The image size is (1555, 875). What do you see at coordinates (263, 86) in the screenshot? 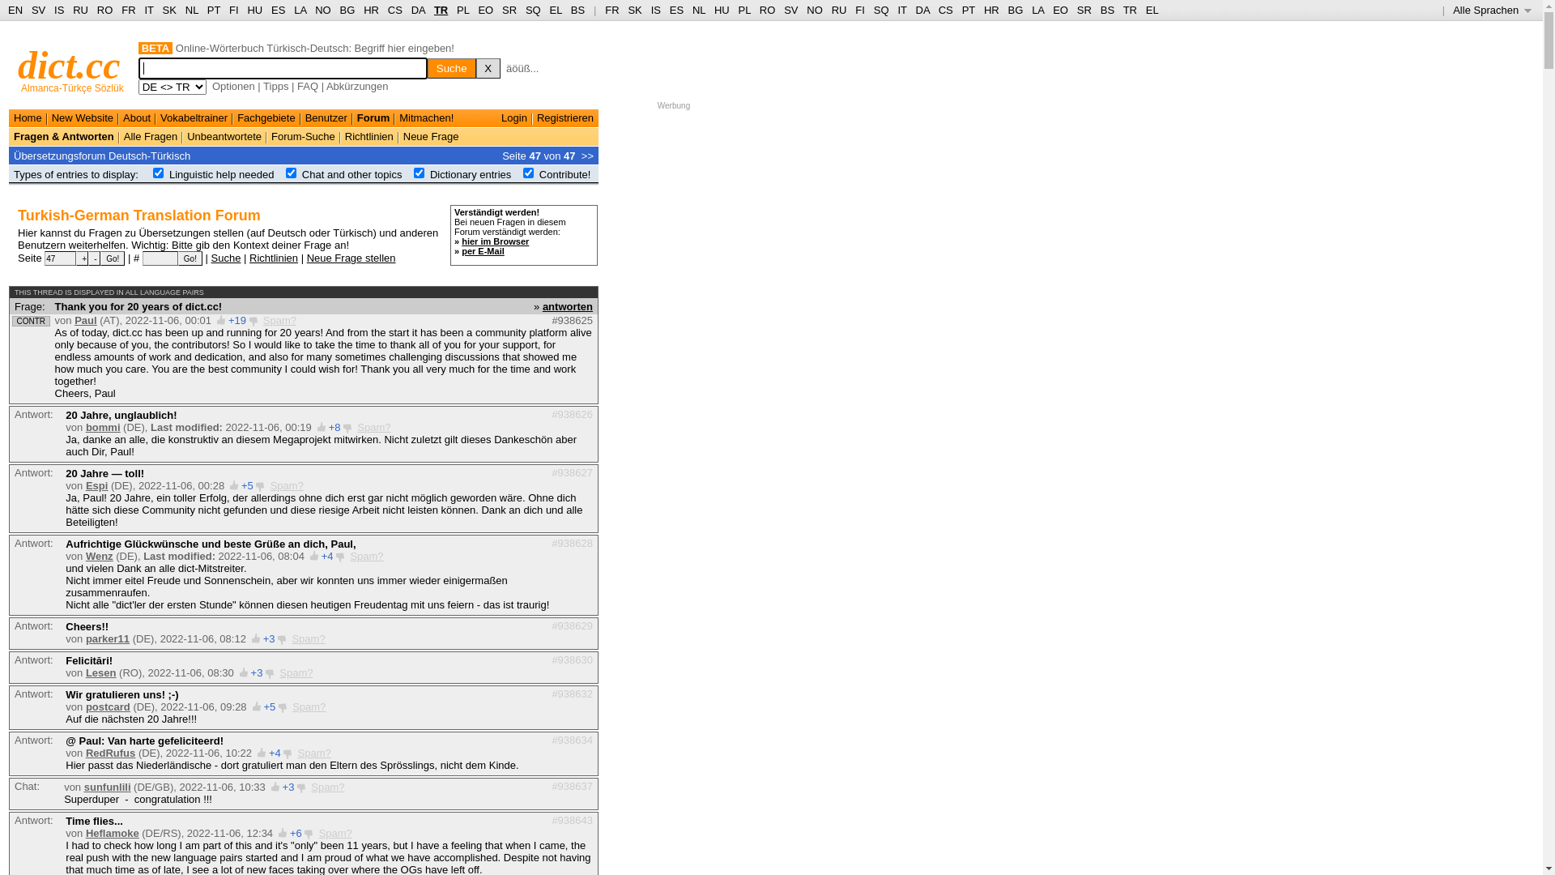
I see `'Tipps'` at bounding box center [263, 86].